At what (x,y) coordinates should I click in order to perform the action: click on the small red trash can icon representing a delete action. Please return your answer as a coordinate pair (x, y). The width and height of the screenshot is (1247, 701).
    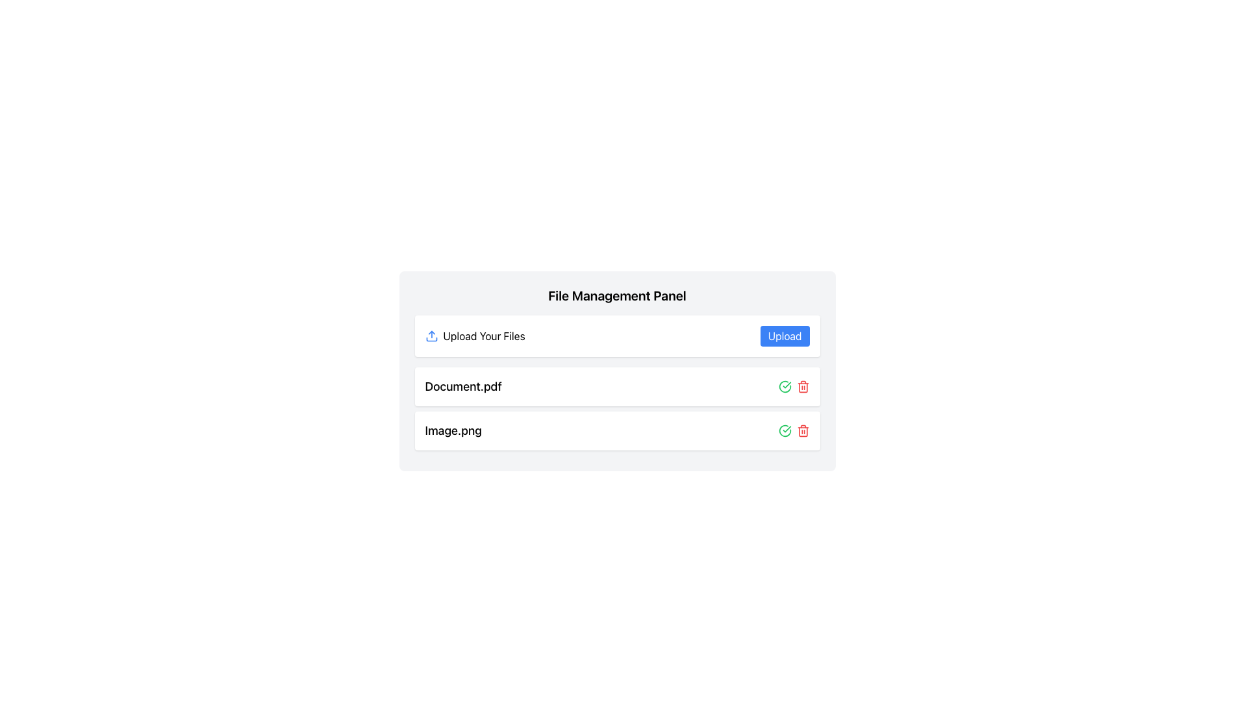
    Looking at the image, I should click on (802, 386).